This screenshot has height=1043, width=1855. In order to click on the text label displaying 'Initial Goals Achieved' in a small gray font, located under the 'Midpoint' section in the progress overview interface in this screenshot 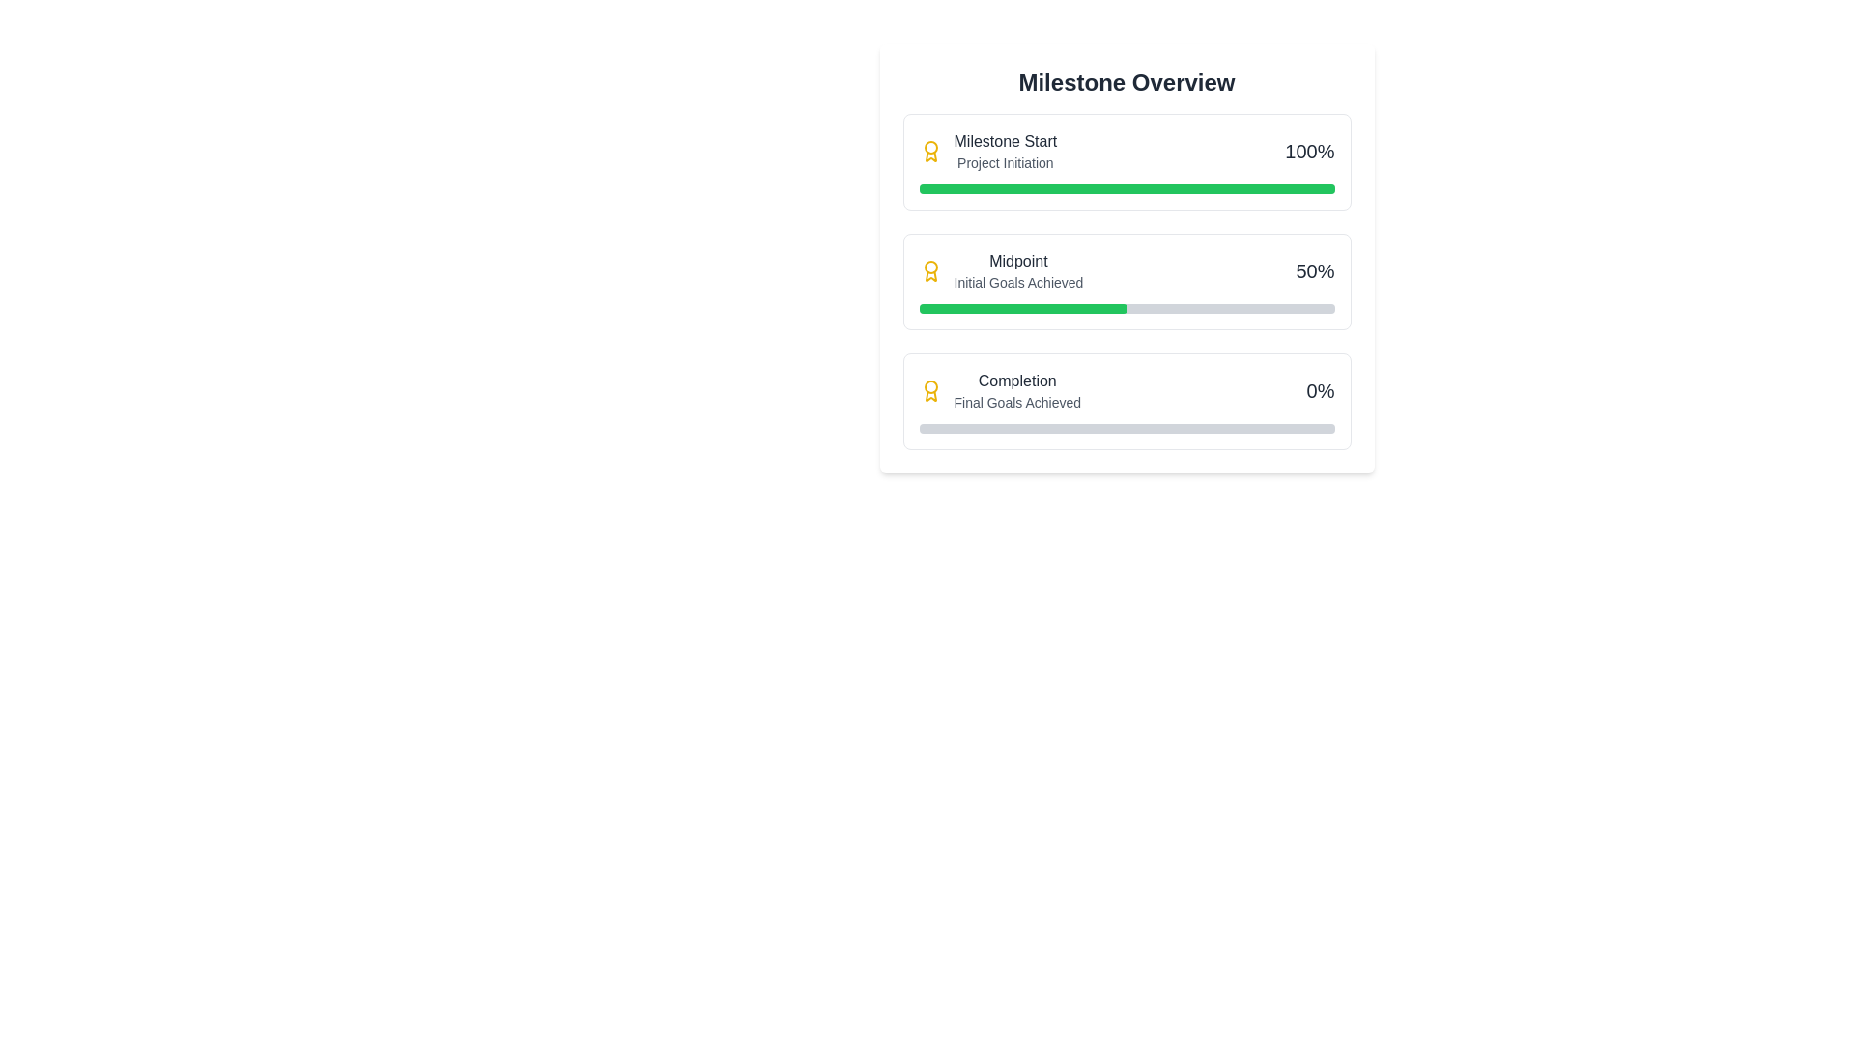, I will do `click(1017, 283)`.